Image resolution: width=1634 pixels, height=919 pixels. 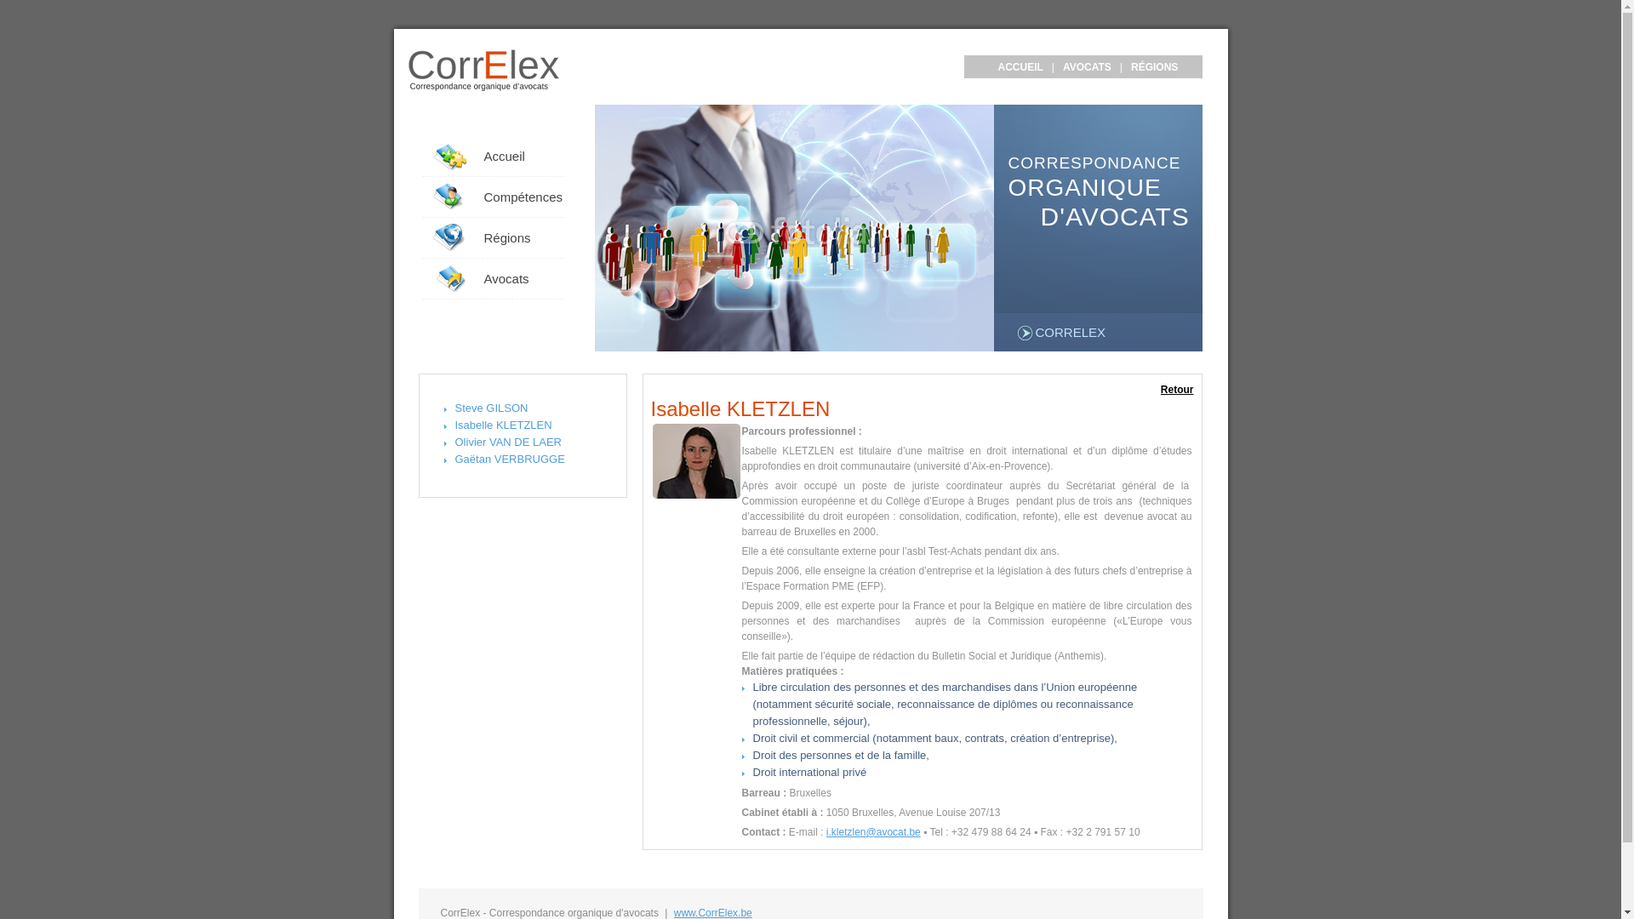 What do you see at coordinates (1086, 66) in the screenshot?
I see `'AVOCATS'` at bounding box center [1086, 66].